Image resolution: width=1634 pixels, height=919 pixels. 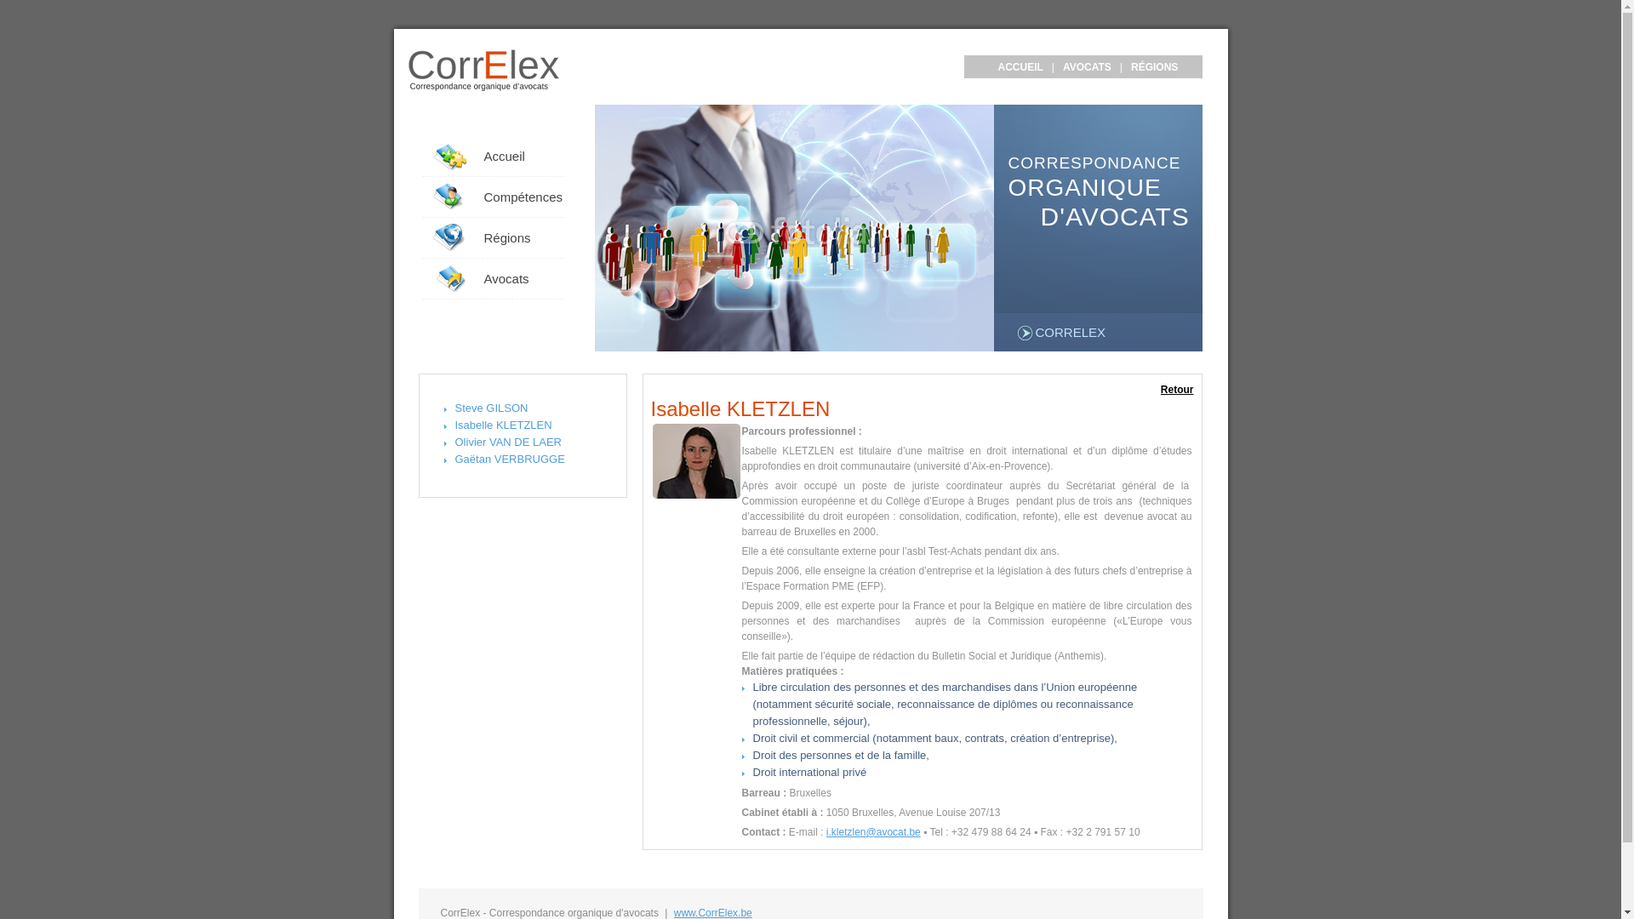 What do you see at coordinates (1086, 66) in the screenshot?
I see `'AVOCATS'` at bounding box center [1086, 66].